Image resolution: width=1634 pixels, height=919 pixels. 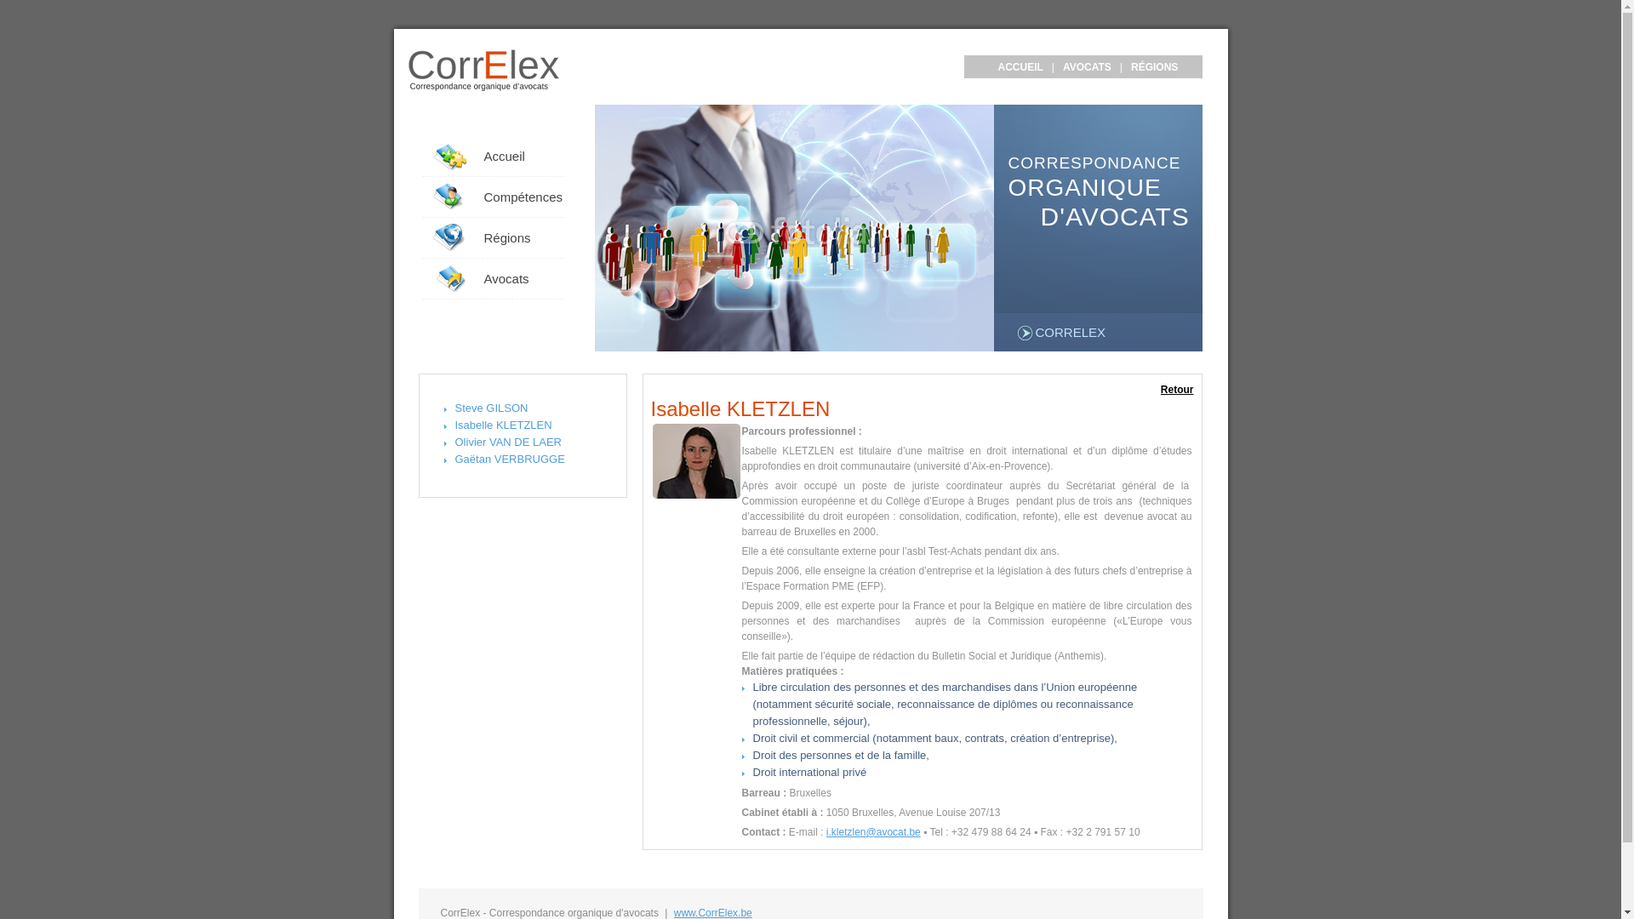 What do you see at coordinates (1086, 66) in the screenshot?
I see `'AVOCATS'` at bounding box center [1086, 66].